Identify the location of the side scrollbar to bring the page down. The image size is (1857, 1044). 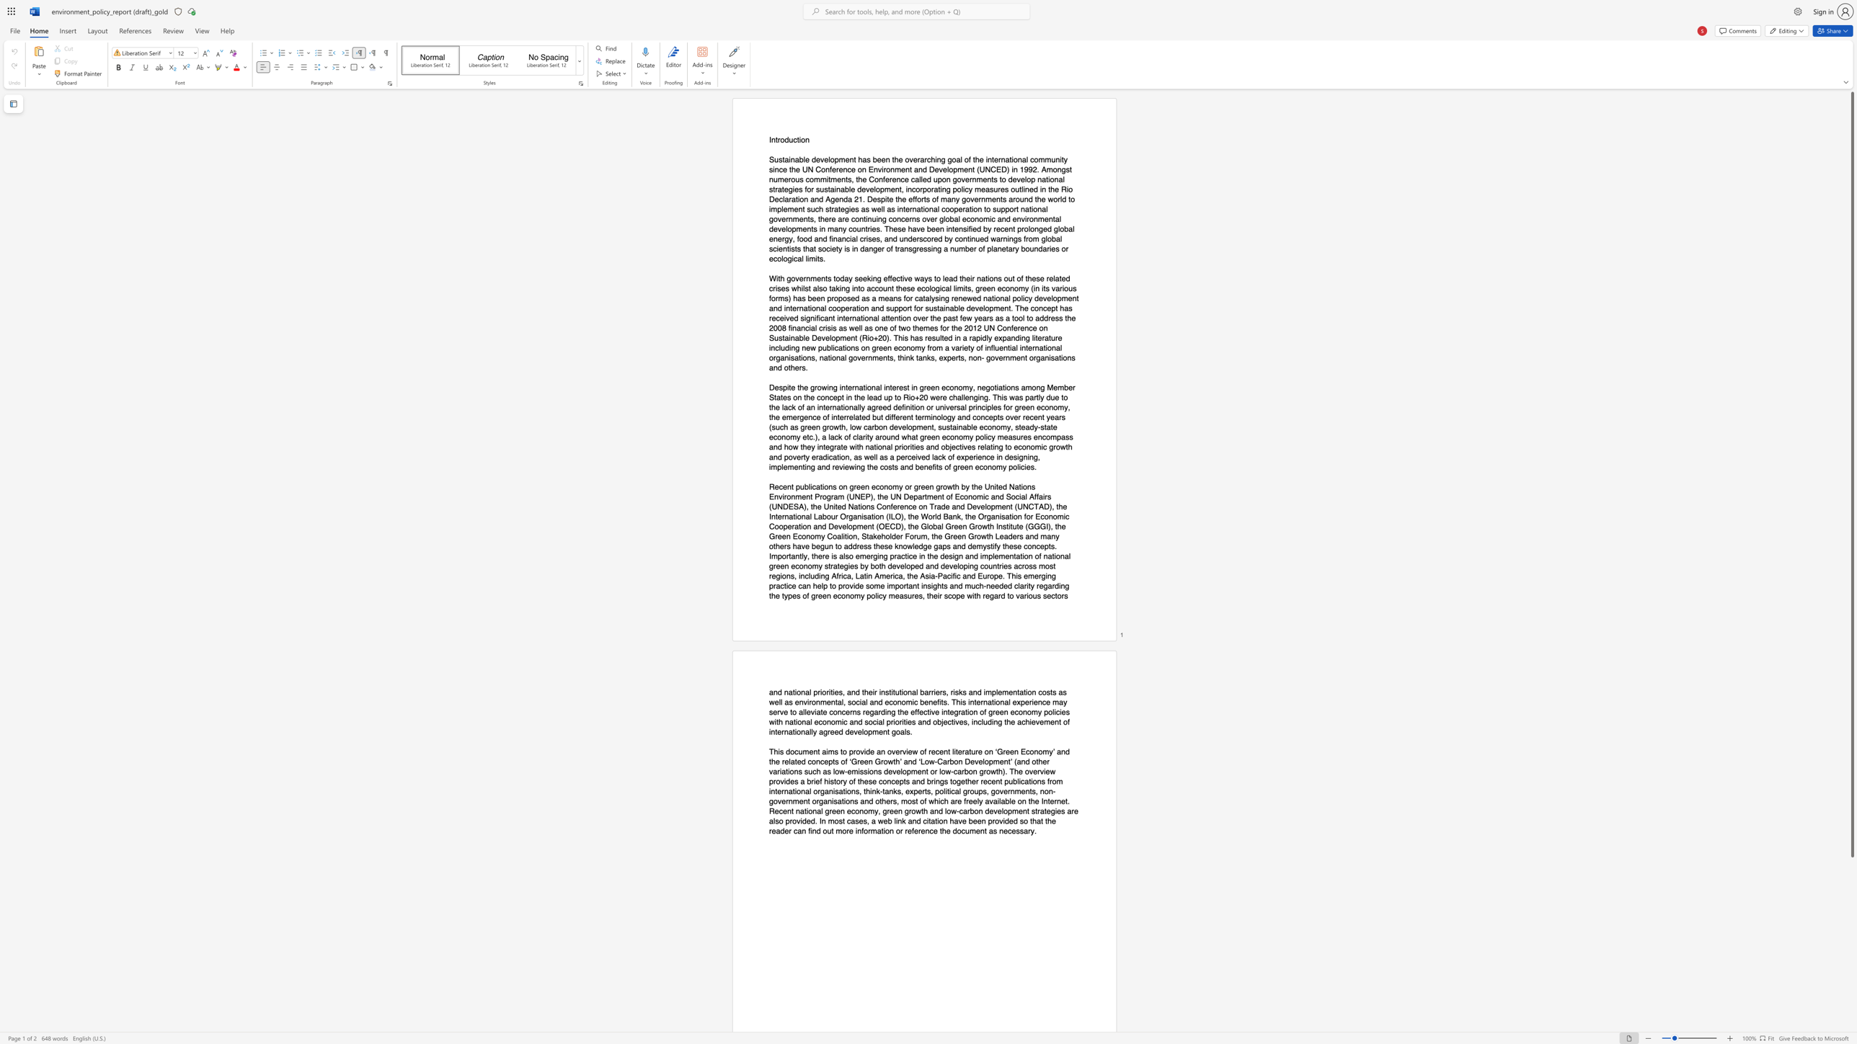
(1851, 976).